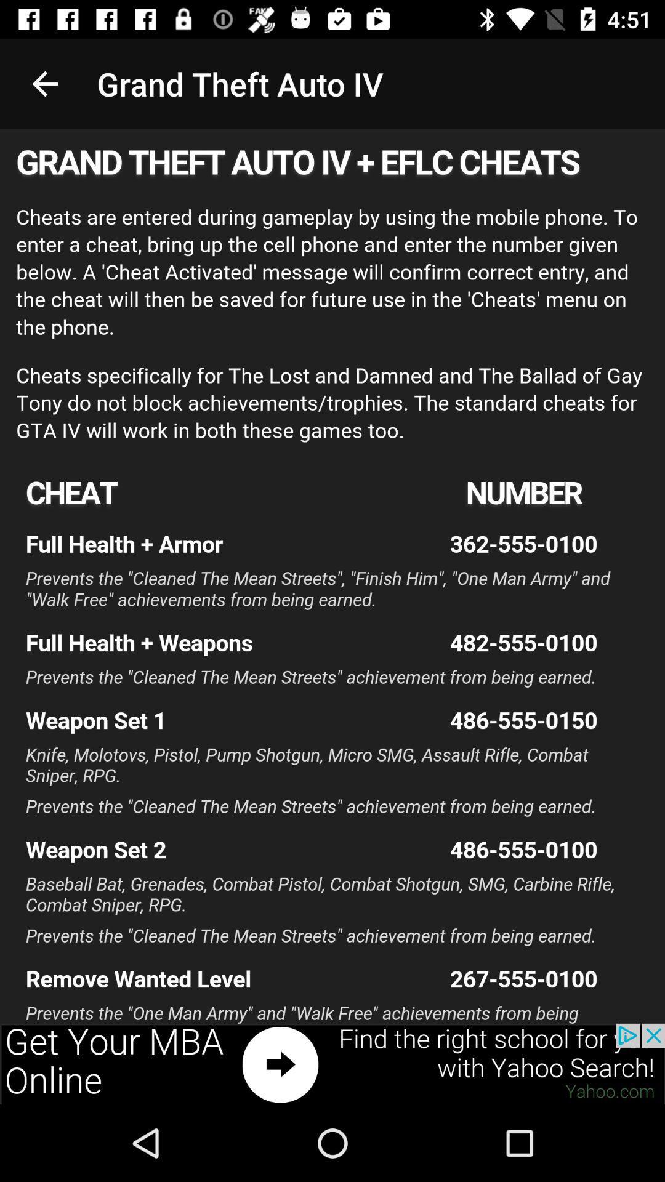  I want to click on advertisement, so click(332, 1063).